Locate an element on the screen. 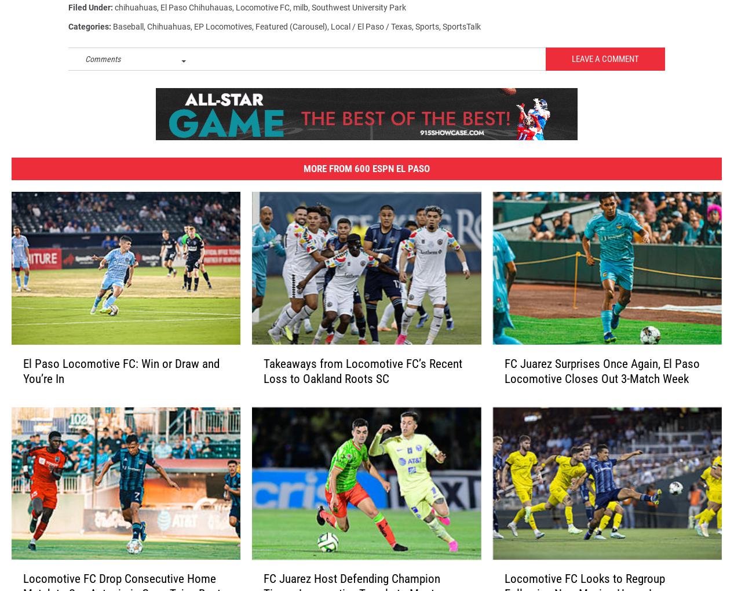 This screenshot has height=591, width=745. 'Filed Under' is located at coordinates (68, 12).